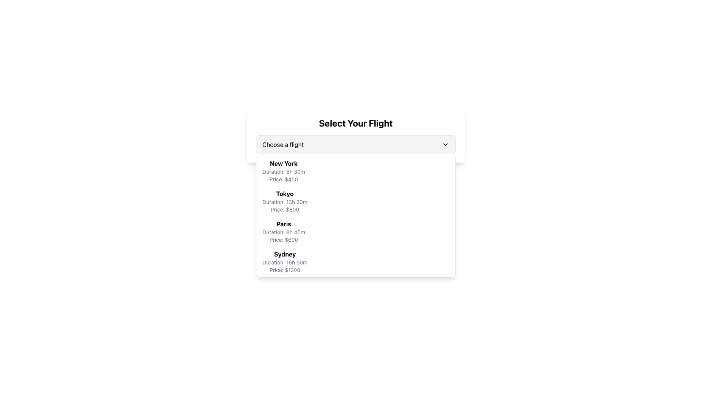 The image size is (726, 408). Describe the element at coordinates (284, 202) in the screenshot. I see `the static text element that displays 'Duration: 13h 20m', which provides information about the flight's duration to Tokyo` at that location.